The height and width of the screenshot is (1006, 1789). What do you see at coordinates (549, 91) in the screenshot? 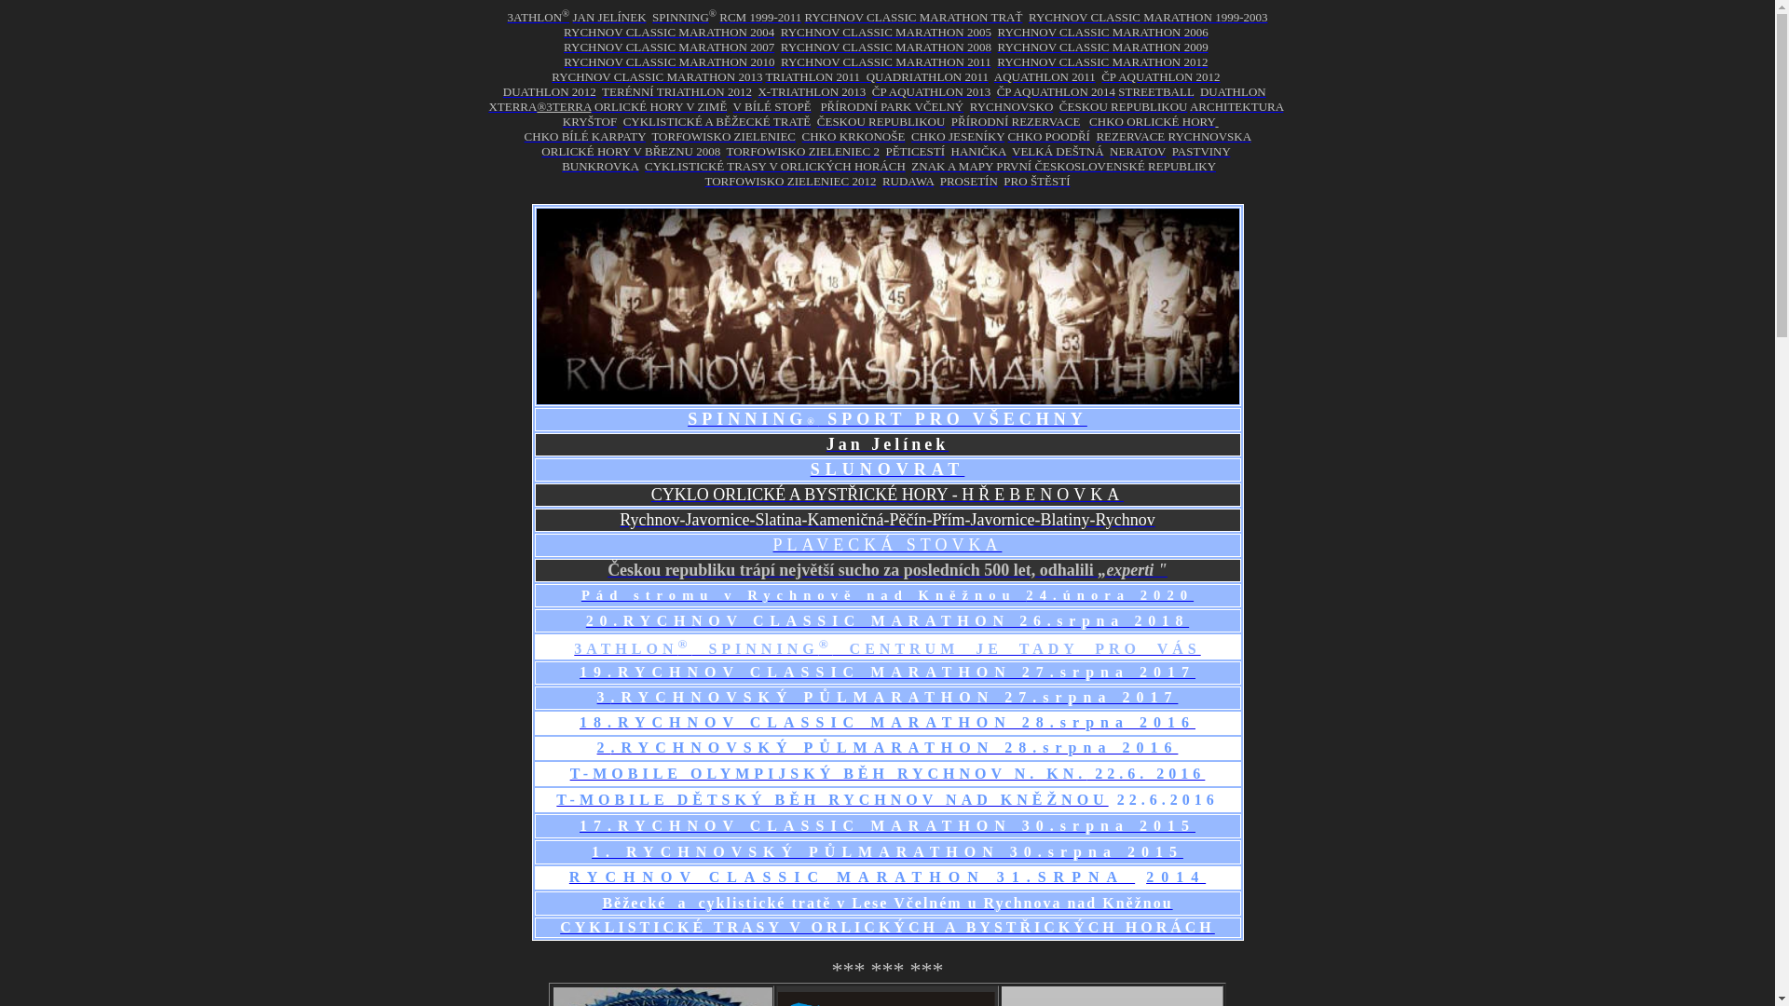
I see `'DUATHLON 2012'` at bounding box center [549, 91].